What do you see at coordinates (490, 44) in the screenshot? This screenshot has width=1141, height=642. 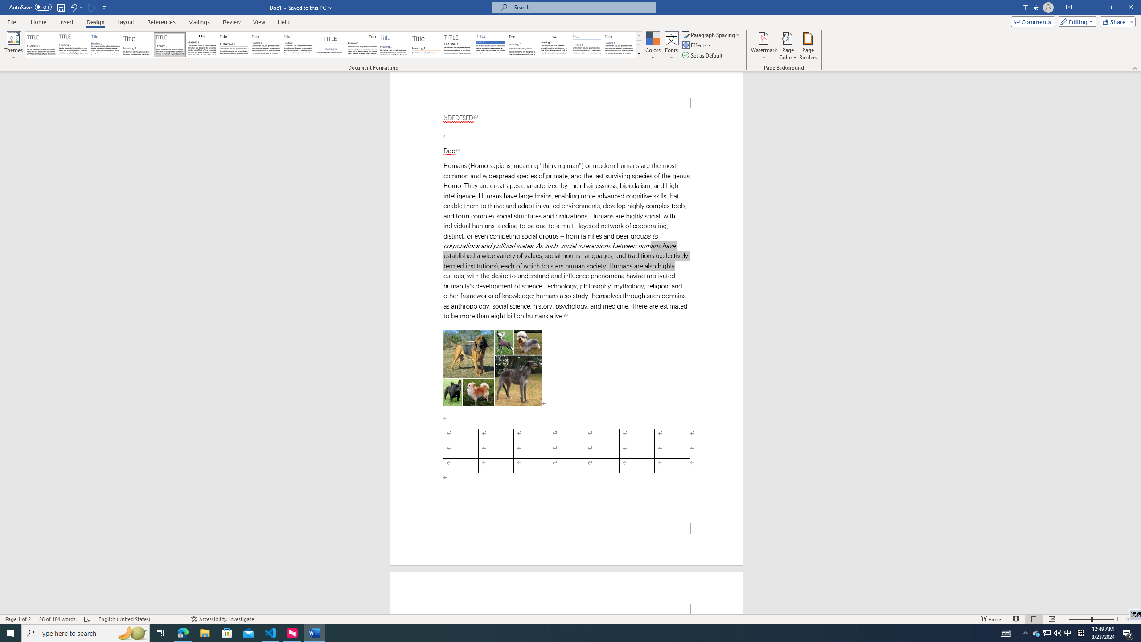 I see `'Shaded'` at bounding box center [490, 44].